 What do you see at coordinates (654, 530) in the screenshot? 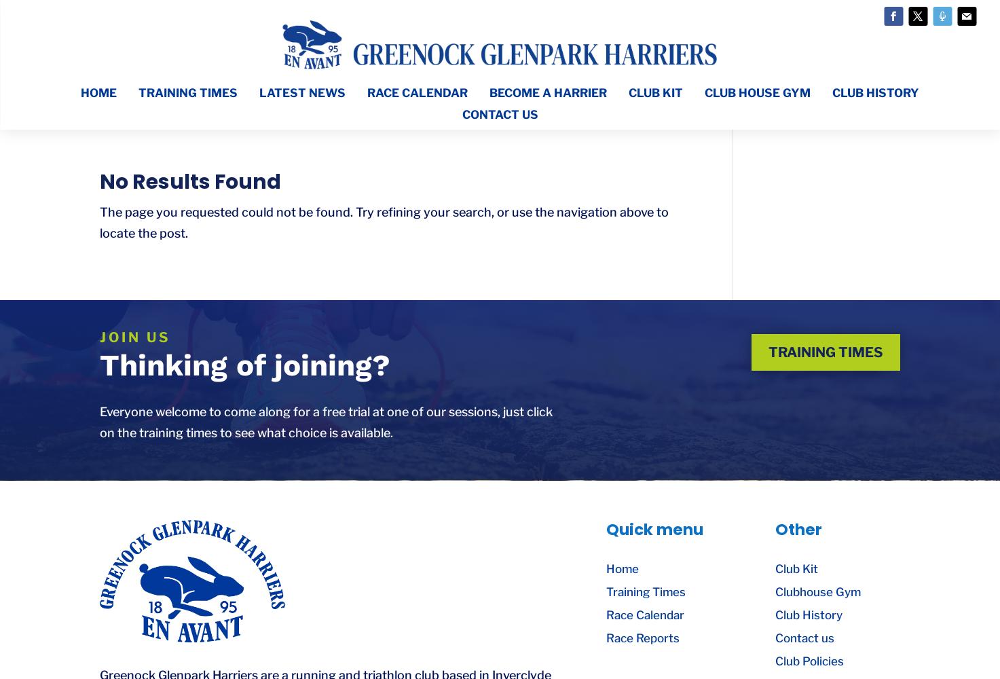
I see `'Quick menu'` at bounding box center [654, 530].